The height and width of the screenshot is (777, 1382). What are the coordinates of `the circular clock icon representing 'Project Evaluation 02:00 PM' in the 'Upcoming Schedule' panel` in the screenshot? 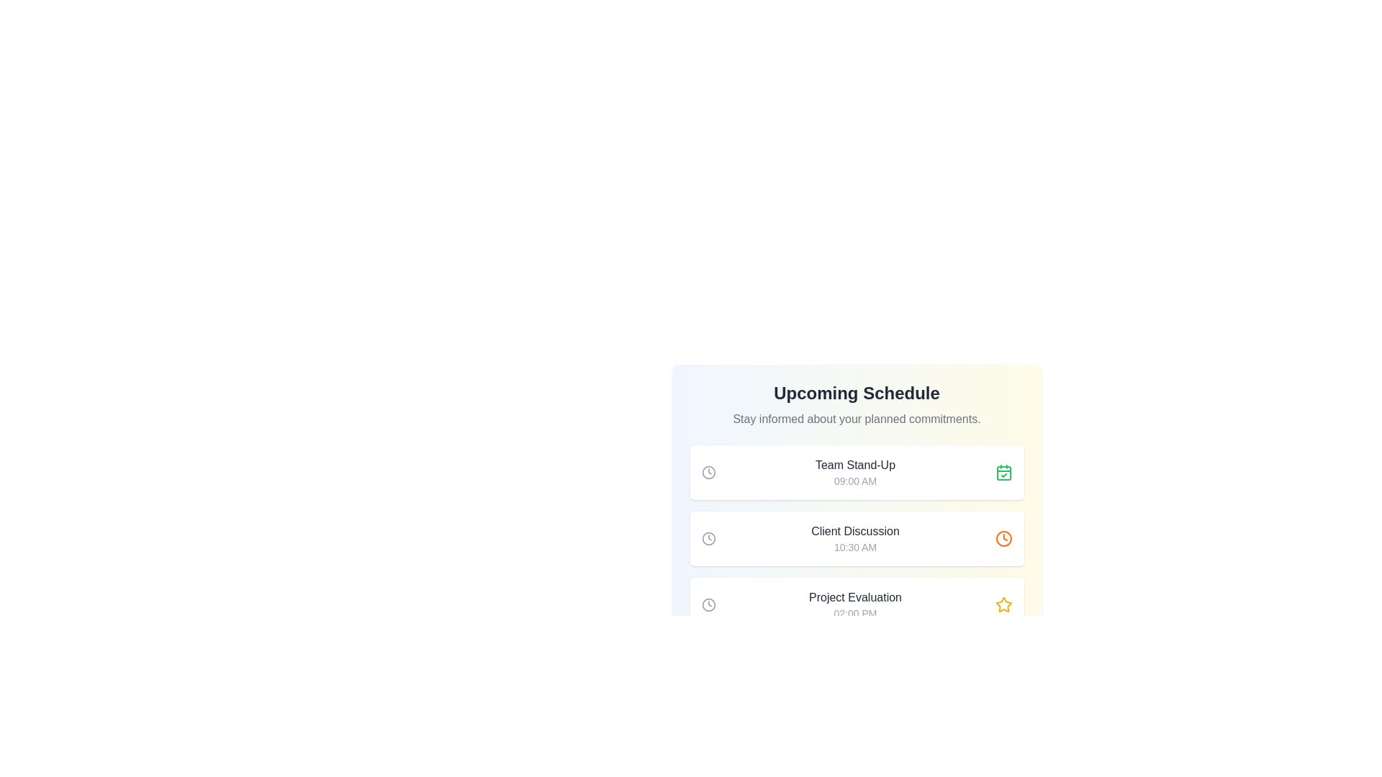 It's located at (708, 604).